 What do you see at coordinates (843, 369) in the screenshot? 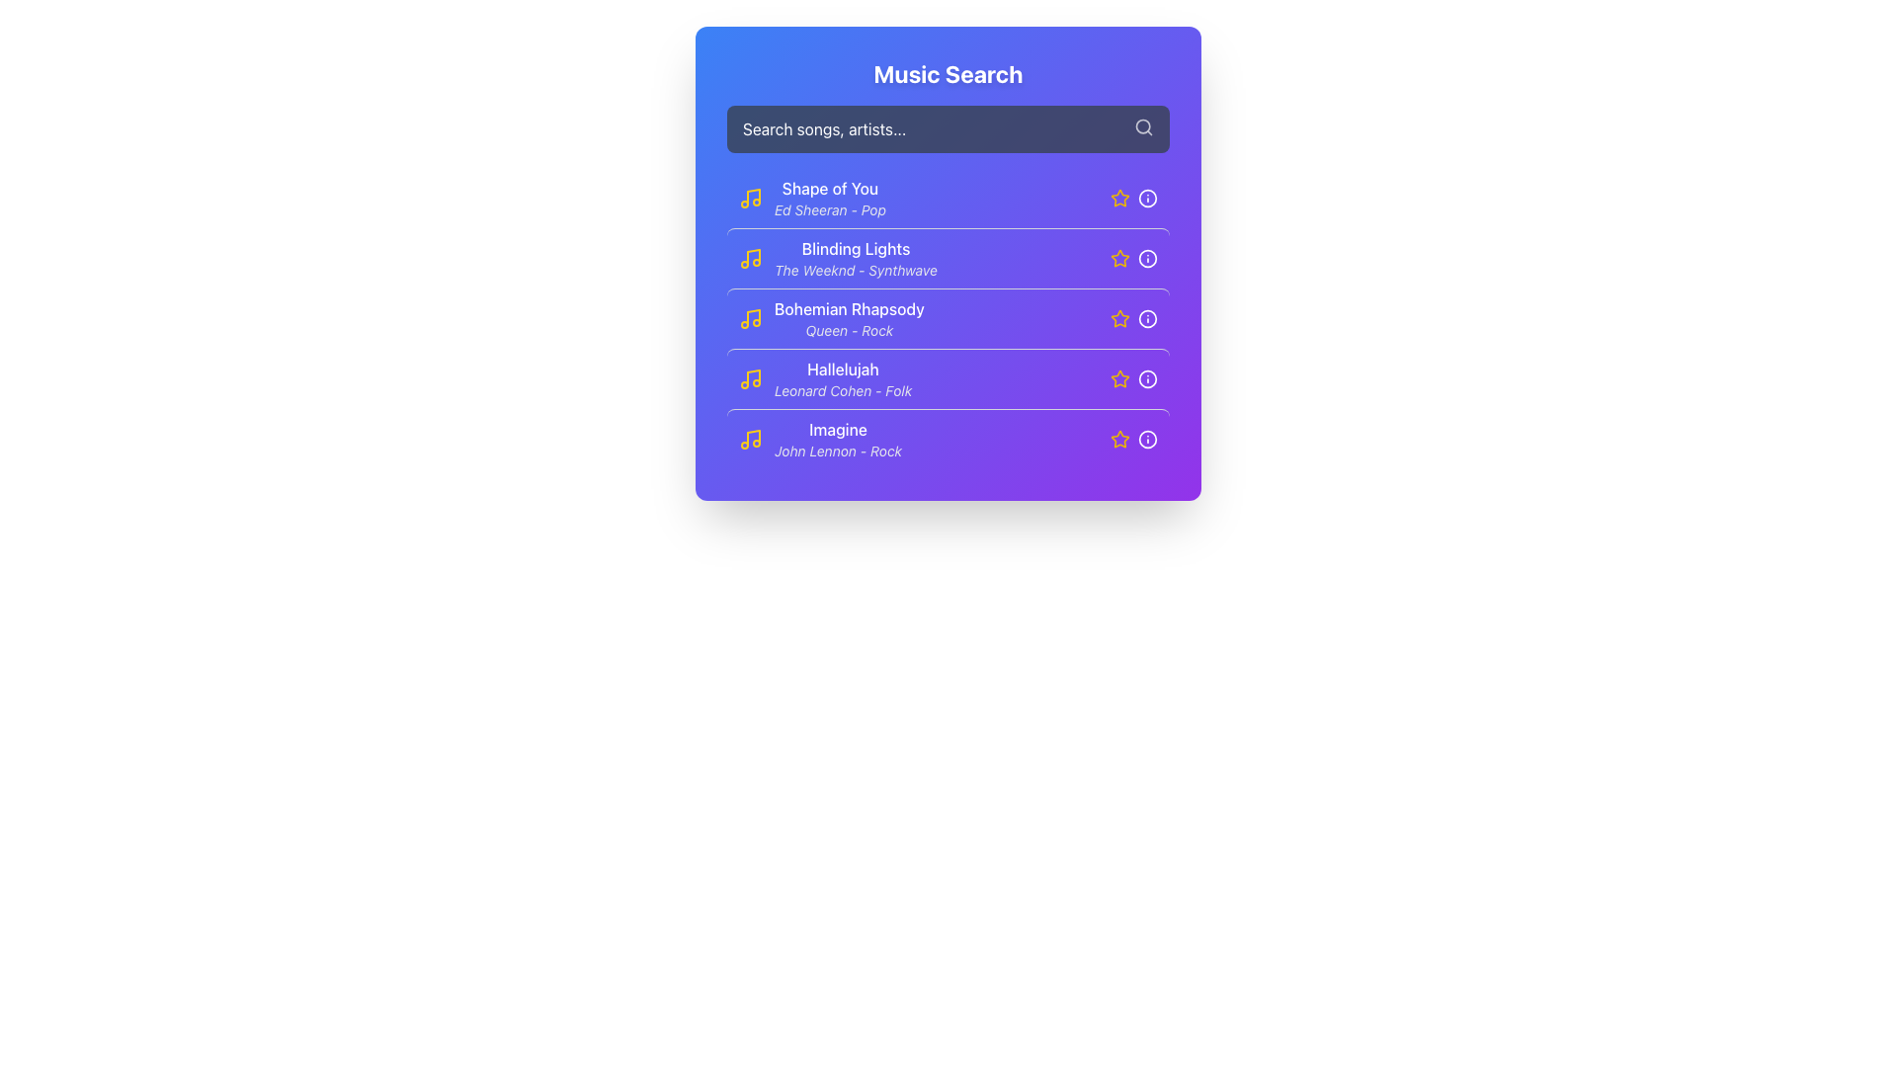
I see `text label displaying 'Hallelujah' in white font on a vibrant purple background, located in the fourth row of song entries` at bounding box center [843, 369].